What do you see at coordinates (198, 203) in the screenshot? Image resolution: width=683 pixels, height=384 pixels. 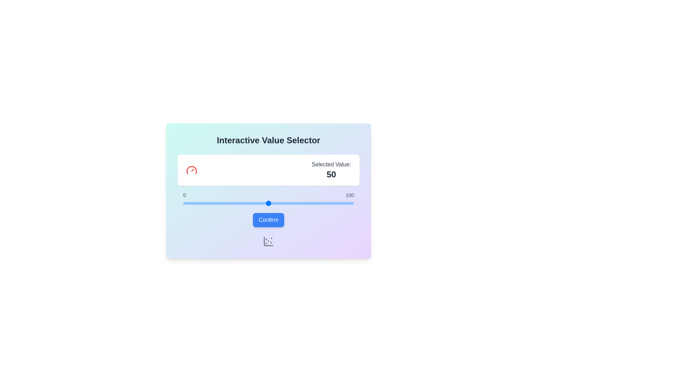 I see `the slider to set the value to 9` at bounding box center [198, 203].